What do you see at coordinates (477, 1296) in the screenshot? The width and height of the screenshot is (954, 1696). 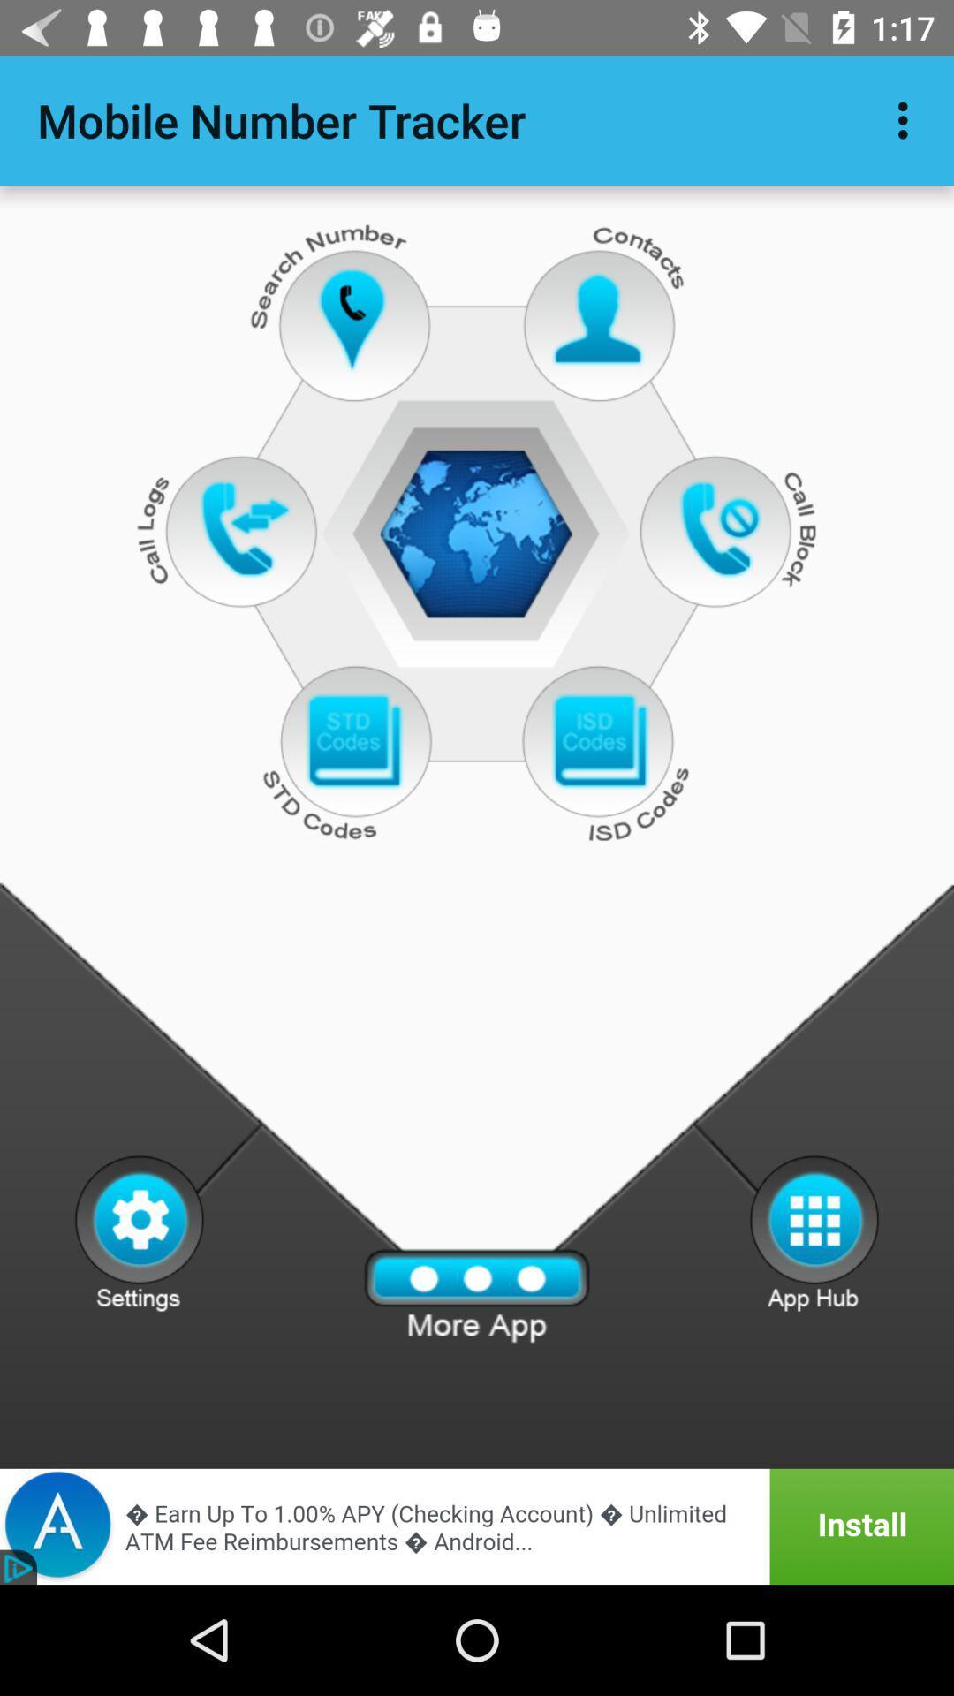 I see `all` at bounding box center [477, 1296].